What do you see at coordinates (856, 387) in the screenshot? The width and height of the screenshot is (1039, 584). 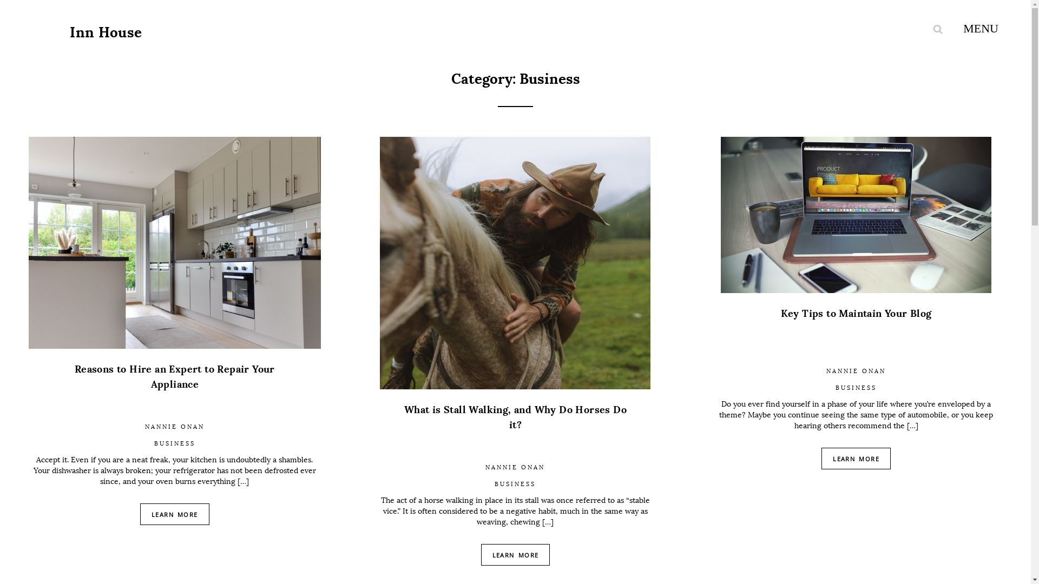 I see `'BUSINESS'` at bounding box center [856, 387].